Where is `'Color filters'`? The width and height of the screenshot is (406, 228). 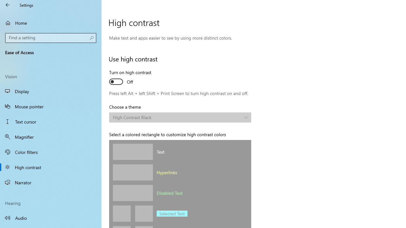
'Color filters' is located at coordinates (51, 152).